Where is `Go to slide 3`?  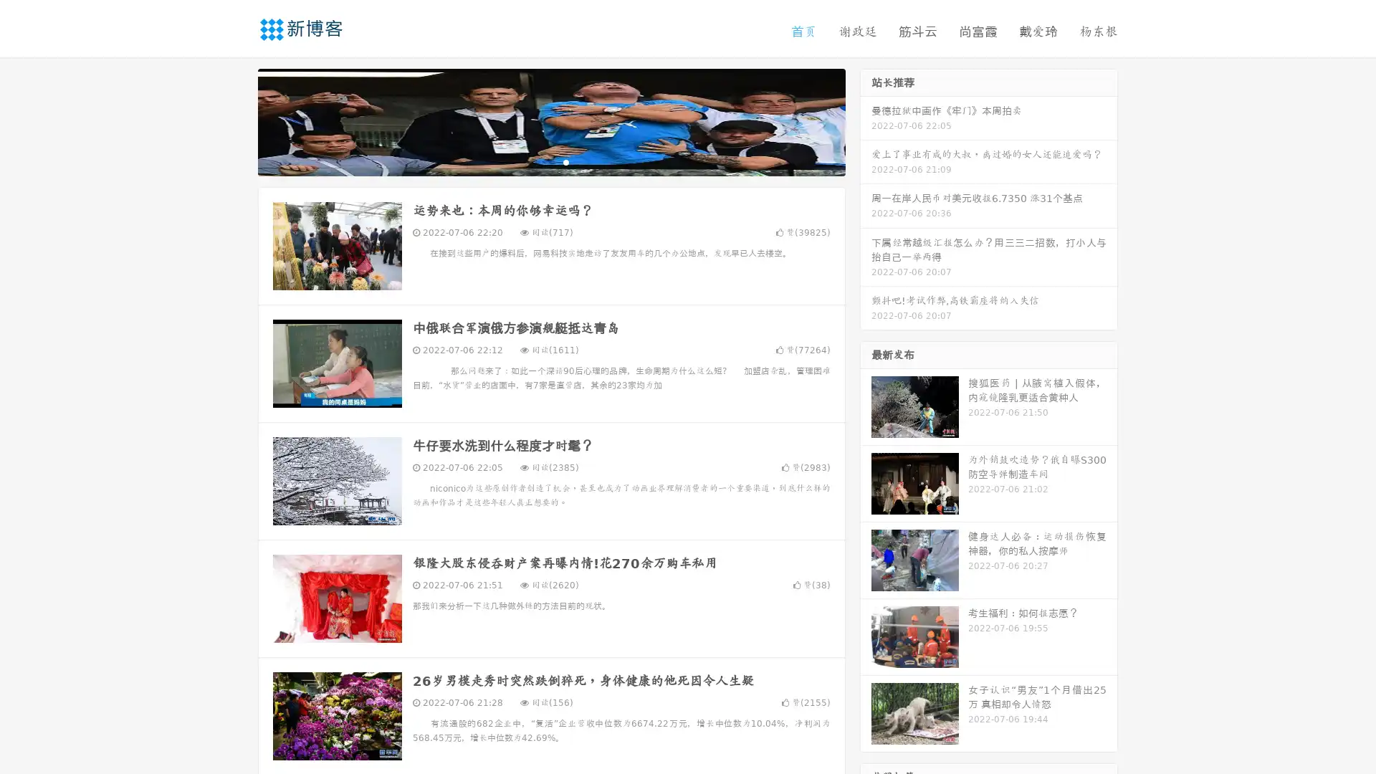 Go to slide 3 is located at coordinates (565, 161).